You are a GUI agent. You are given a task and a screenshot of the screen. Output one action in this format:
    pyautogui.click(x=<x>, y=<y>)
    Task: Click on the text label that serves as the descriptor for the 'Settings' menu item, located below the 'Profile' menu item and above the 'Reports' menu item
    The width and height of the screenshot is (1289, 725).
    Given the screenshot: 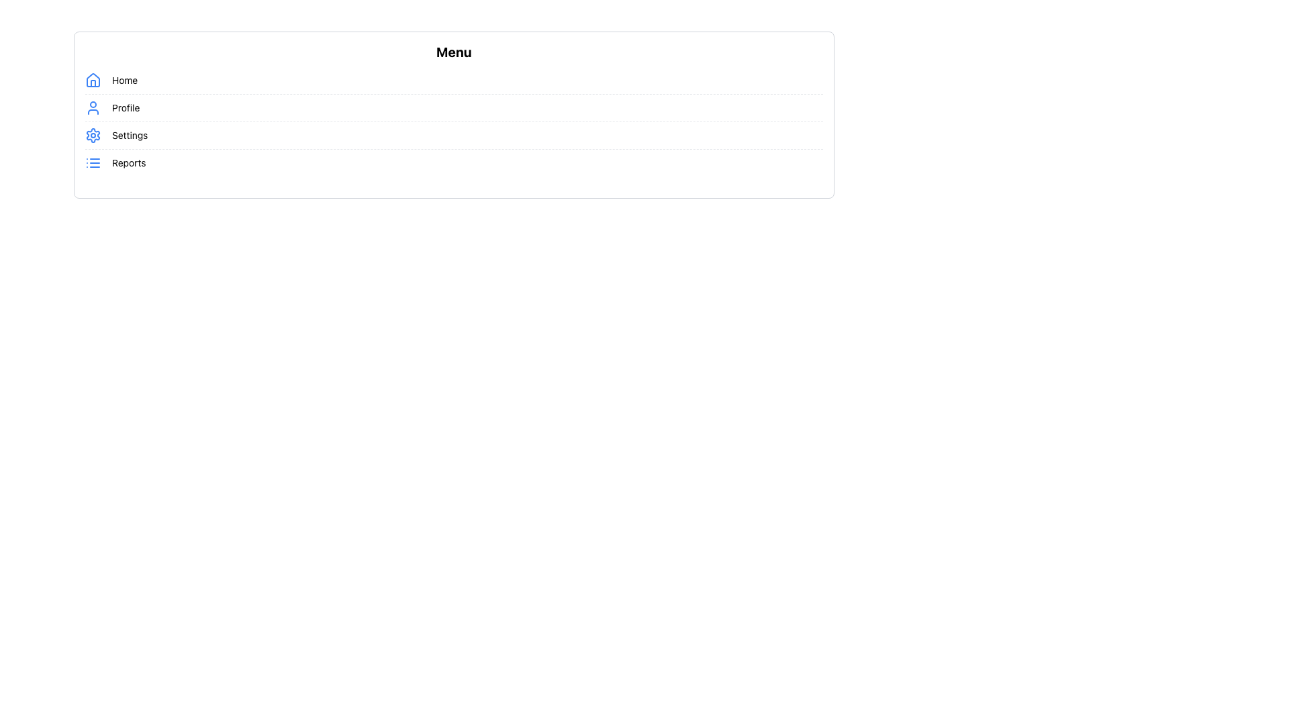 What is the action you would take?
    pyautogui.click(x=130, y=135)
    